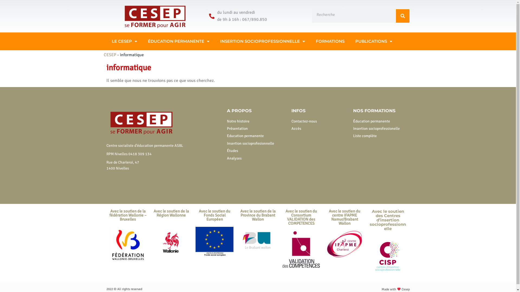 This screenshot has width=520, height=292. What do you see at coordinates (256, 158) in the screenshot?
I see `'Analyses'` at bounding box center [256, 158].